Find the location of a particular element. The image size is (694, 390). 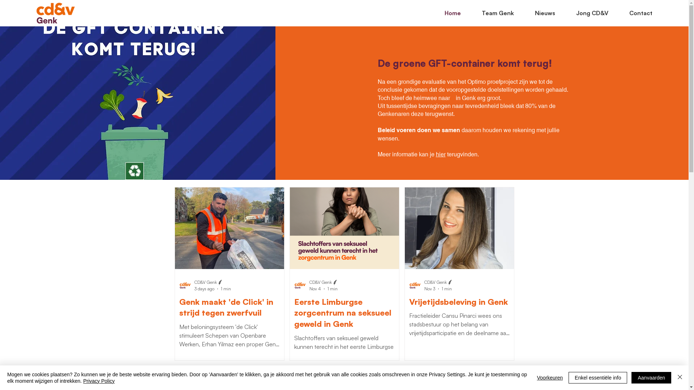

'Privacy Policy' is located at coordinates (98, 381).